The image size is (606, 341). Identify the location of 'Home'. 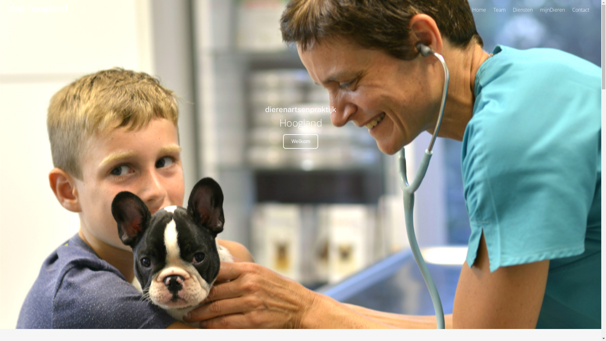
(479, 9).